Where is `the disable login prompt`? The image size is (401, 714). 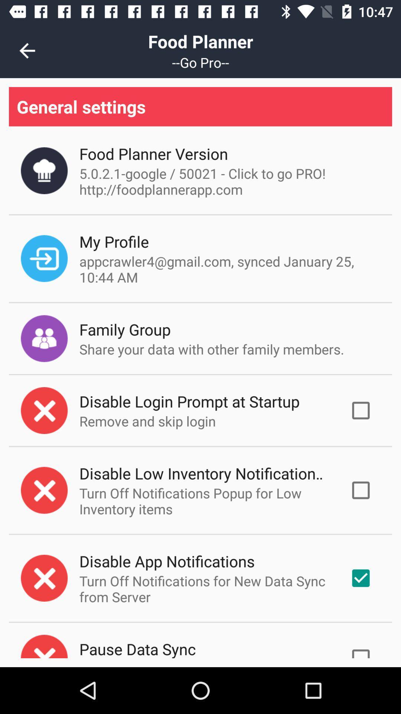 the disable login prompt is located at coordinates (189, 401).